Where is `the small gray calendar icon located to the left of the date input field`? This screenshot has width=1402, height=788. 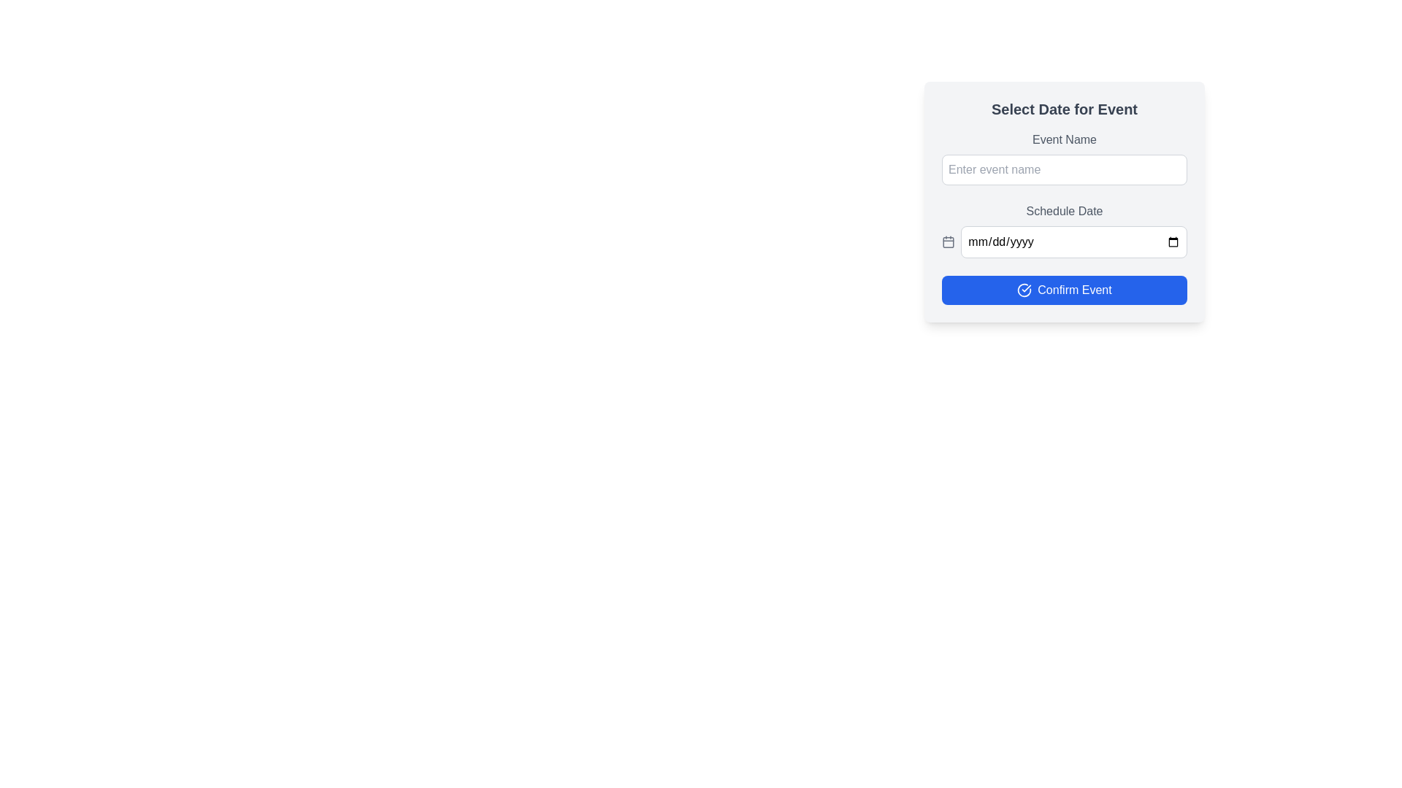 the small gray calendar icon located to the left of the date input field is located at coordinates (949, 241).